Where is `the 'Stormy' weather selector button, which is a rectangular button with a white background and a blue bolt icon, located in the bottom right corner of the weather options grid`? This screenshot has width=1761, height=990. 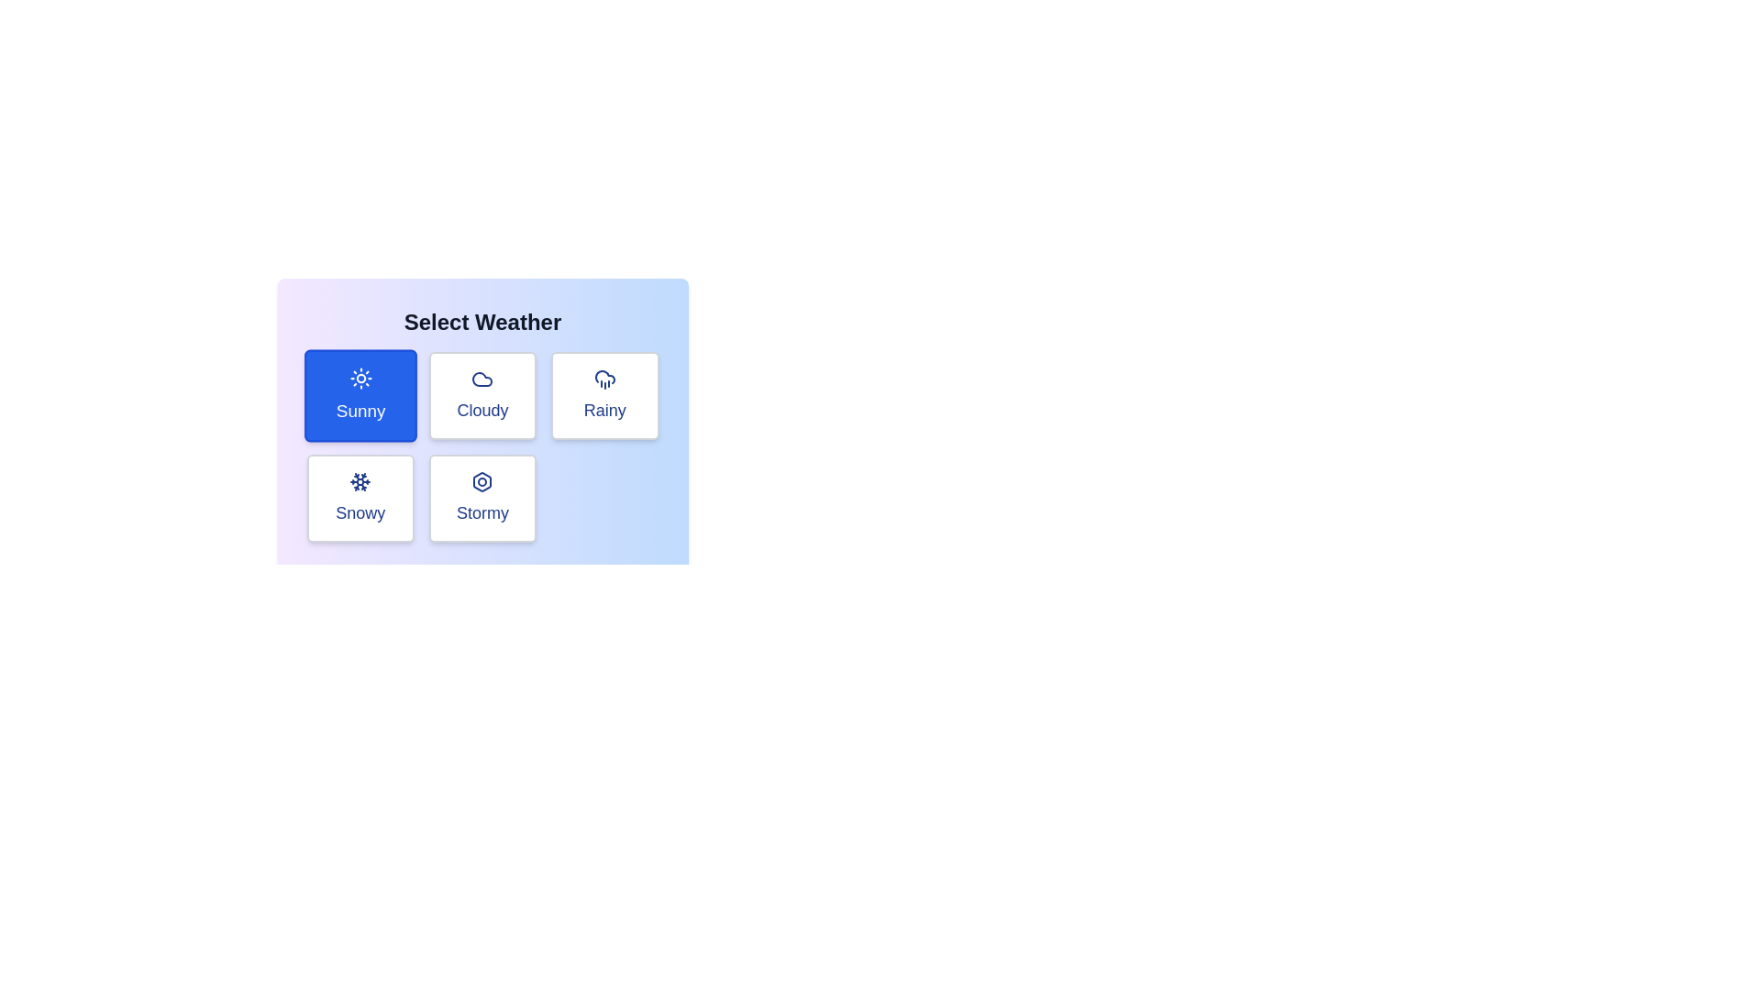
the 'Stormy' weather selector button, which is a rectangular button with a white background and a blue bolt icon, located in the bottom right corner of the weather options grid is located at coordinates (482, 498).